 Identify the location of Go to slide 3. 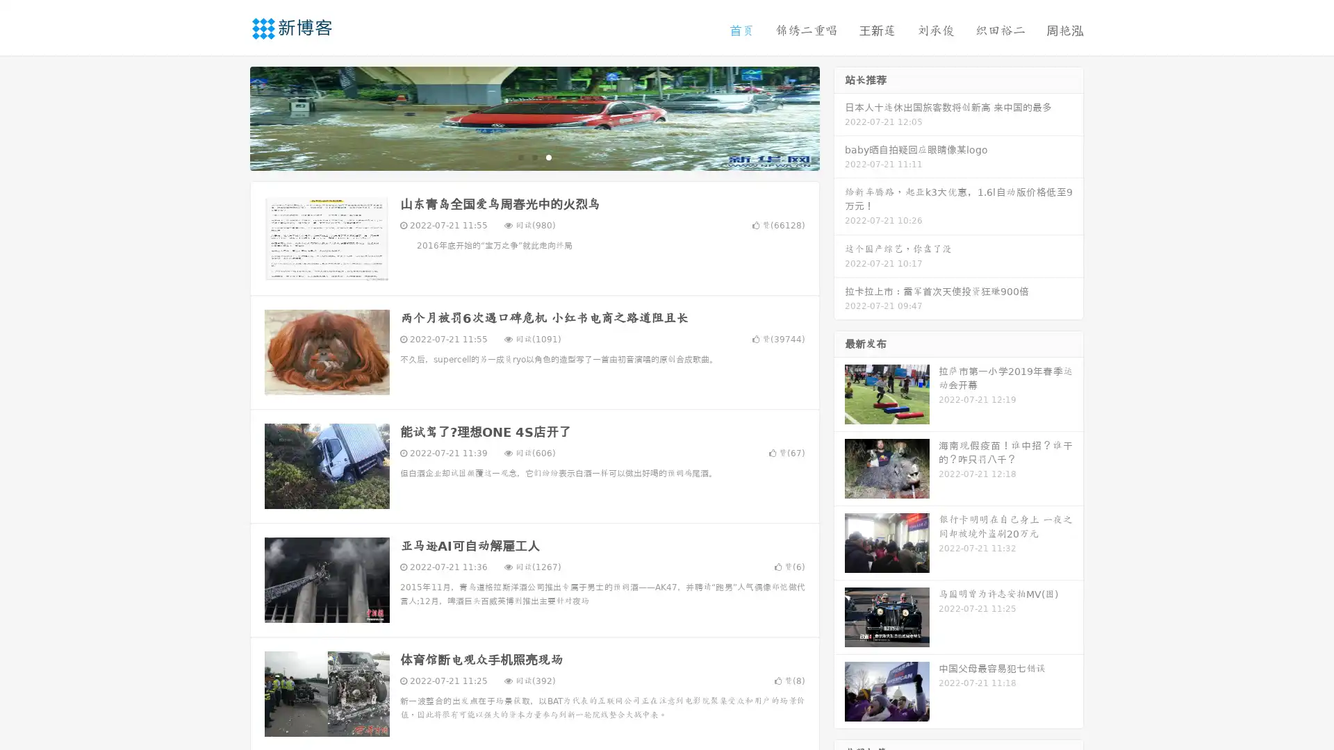
(548, 156).